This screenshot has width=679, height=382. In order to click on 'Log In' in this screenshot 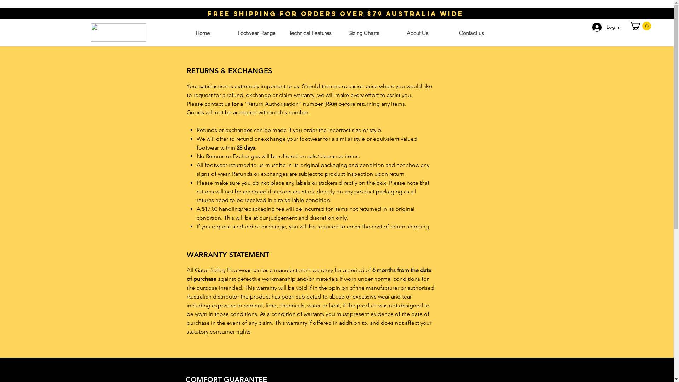, I will do `click(606, 27)`.